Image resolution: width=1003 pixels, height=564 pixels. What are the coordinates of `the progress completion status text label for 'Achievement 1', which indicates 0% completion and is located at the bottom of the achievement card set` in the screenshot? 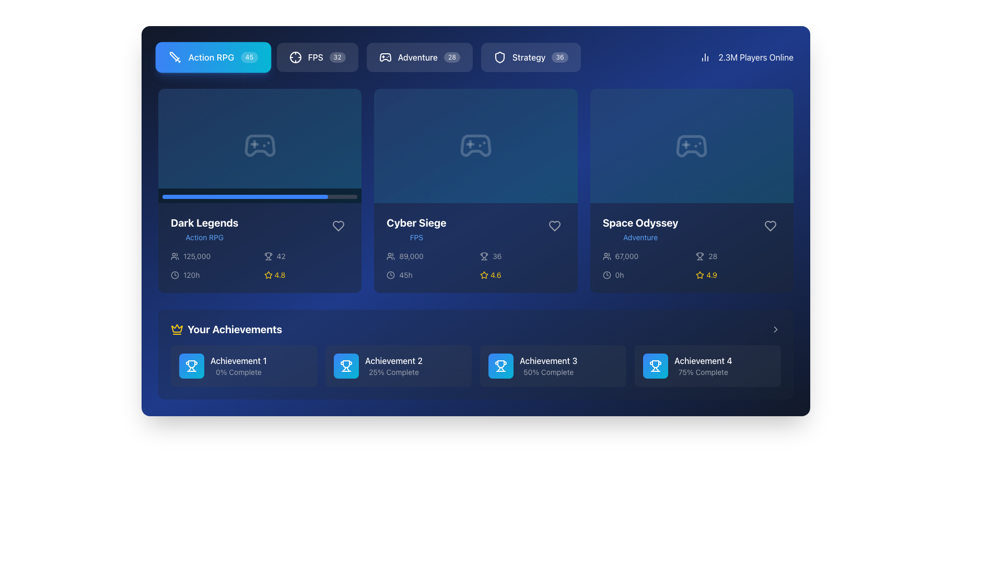 It's located at (238, 372).